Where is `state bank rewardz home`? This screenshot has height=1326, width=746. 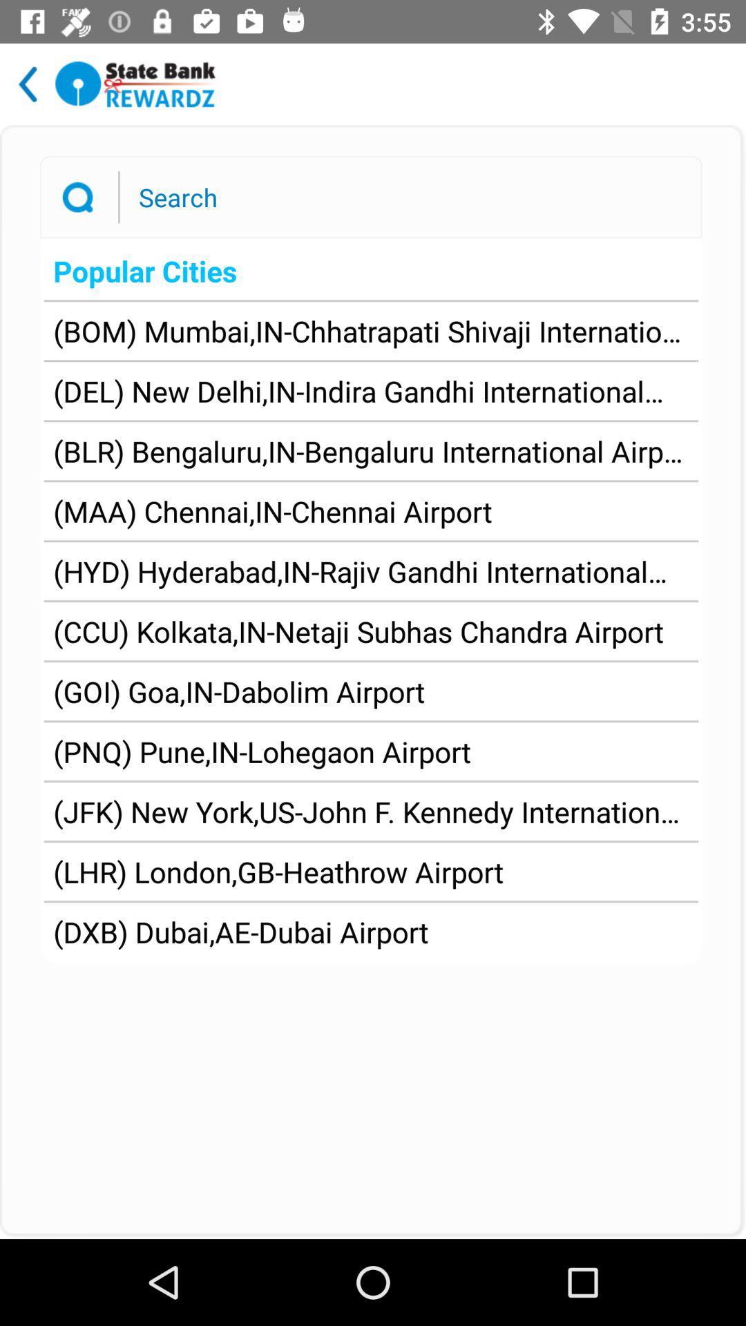
state bank rewardz home is located at coordinates (135, 84).